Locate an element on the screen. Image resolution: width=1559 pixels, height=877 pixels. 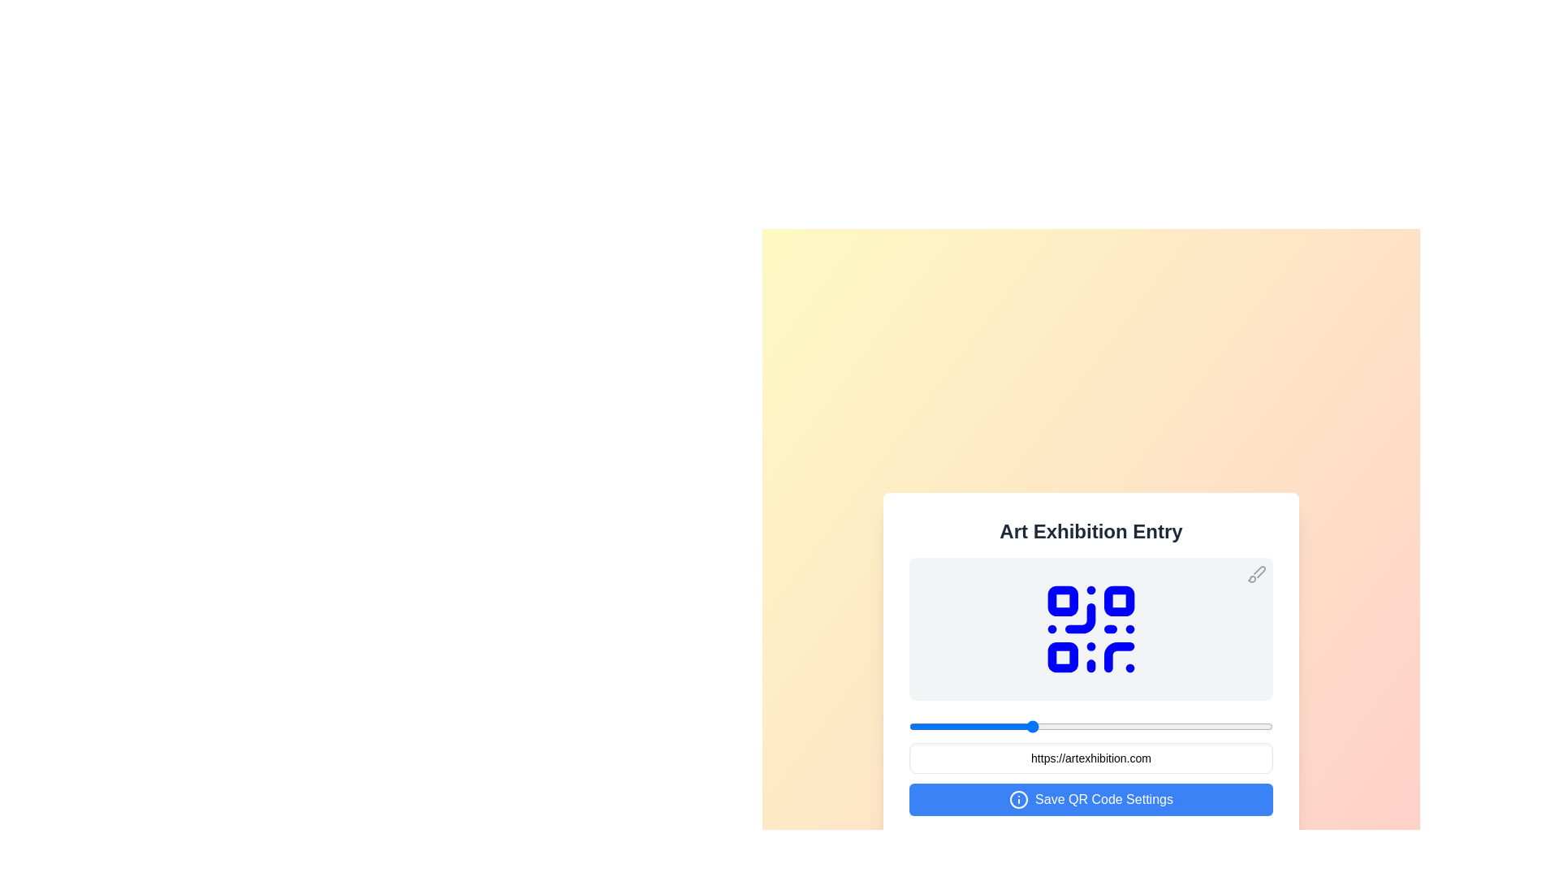
the slider input at the specified coordinates to set a value between 64 and 256 is located at coordinates (1091, 725).